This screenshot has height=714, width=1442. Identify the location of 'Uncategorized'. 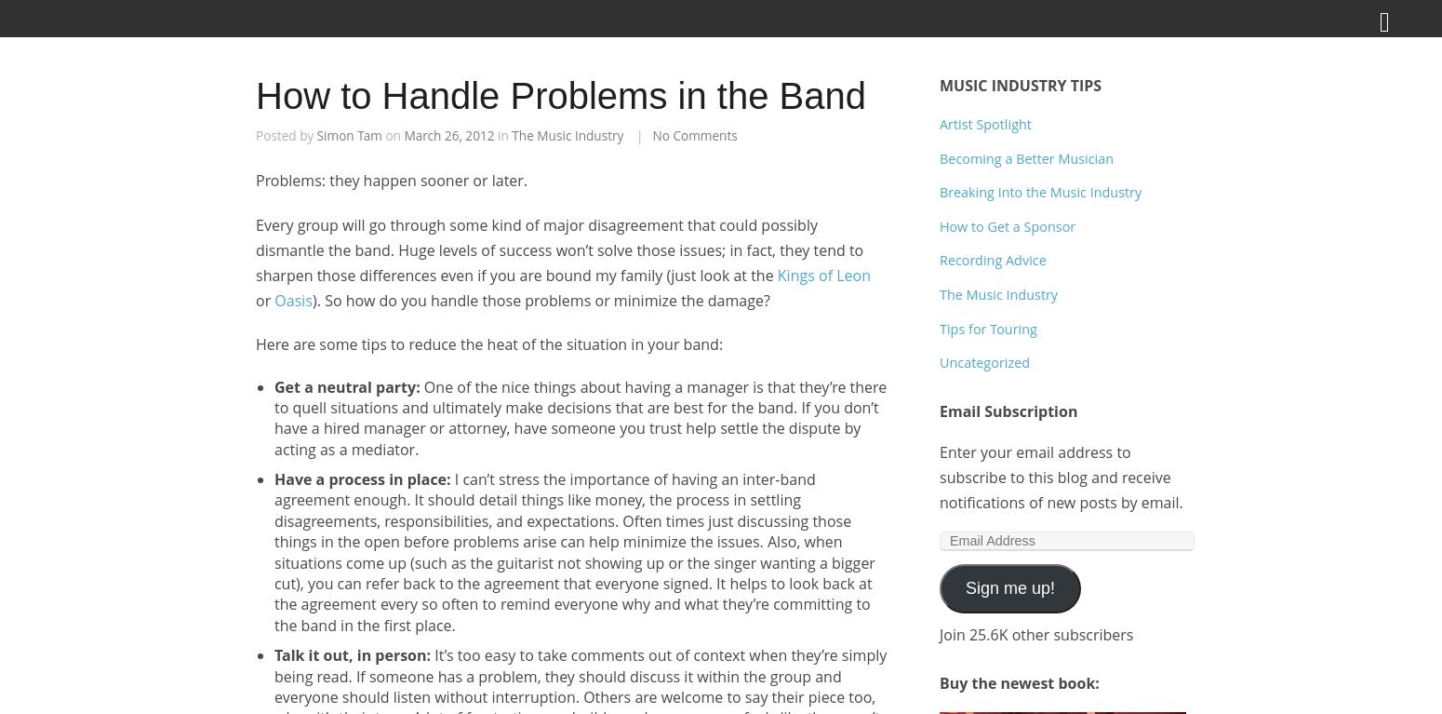
(984, 362).